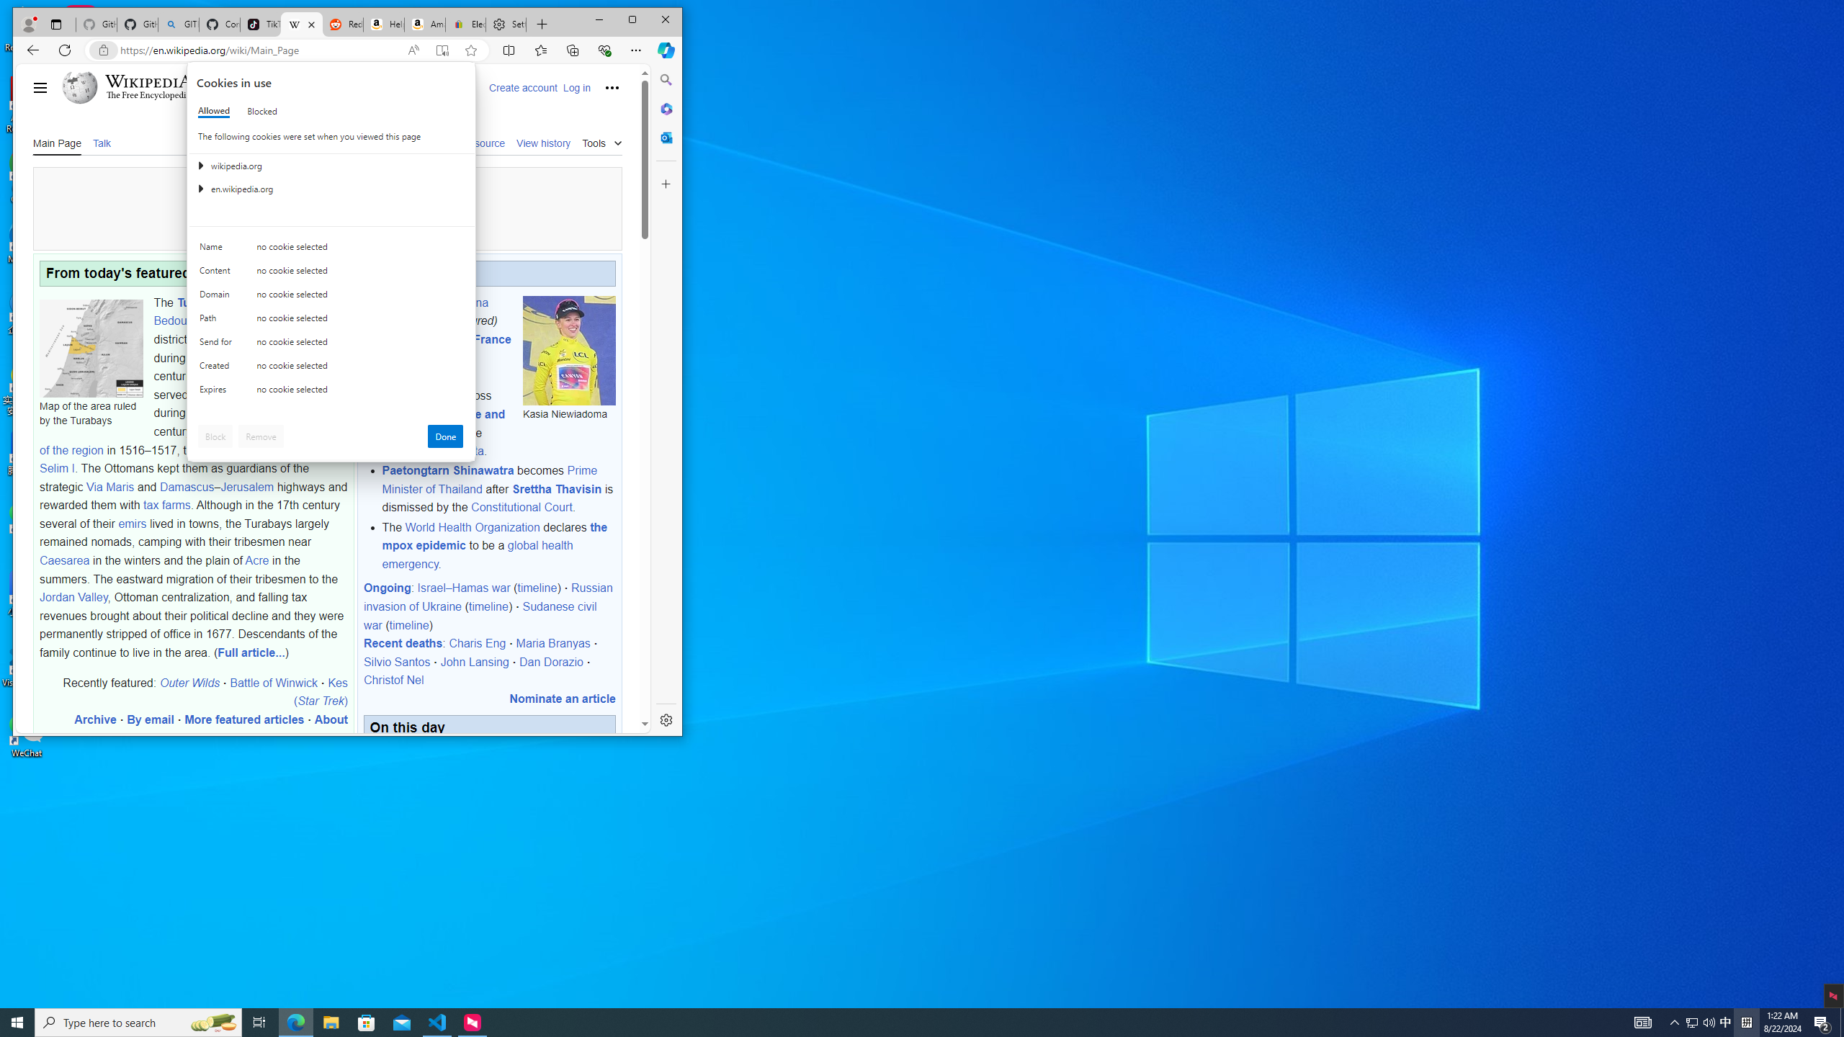 This screenshot has height=1037, width=1844. I want to click on 'Expires', so click(218, 392).